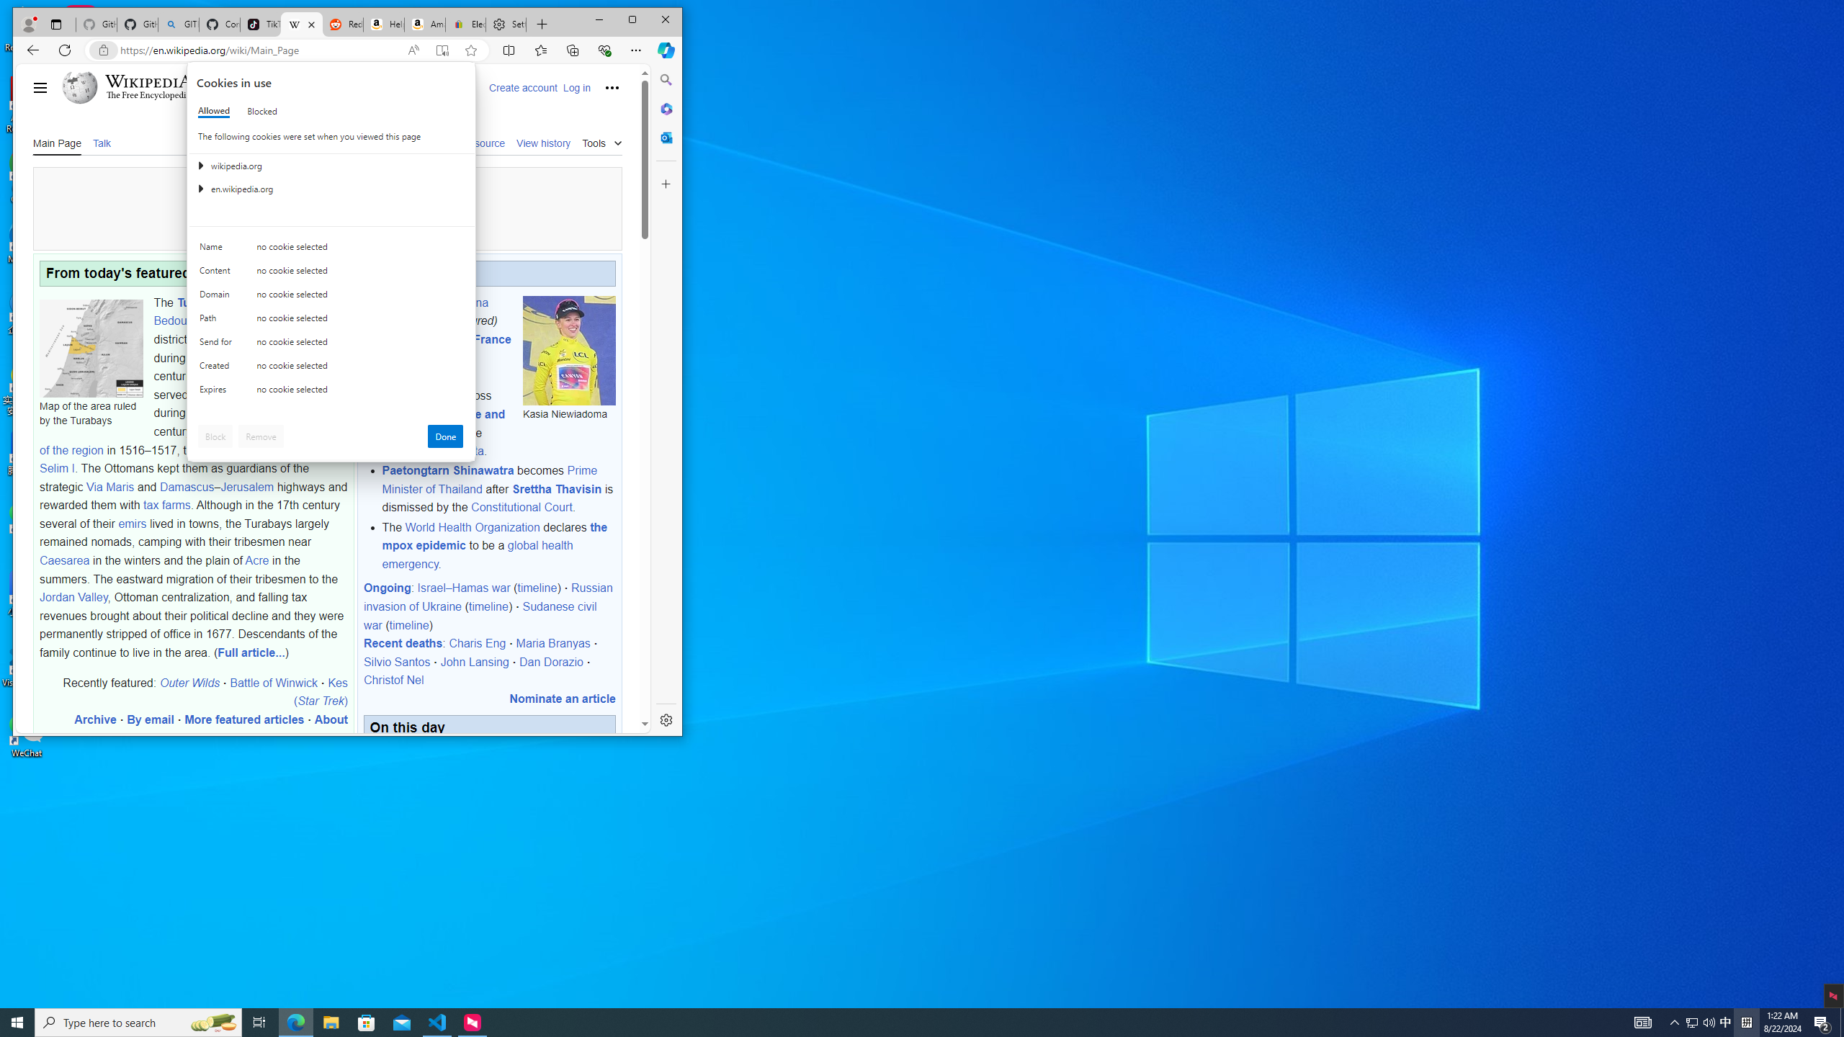 This screenshot has height=1037, width=1844. I want to click on 'Expires', so click(218, 392).